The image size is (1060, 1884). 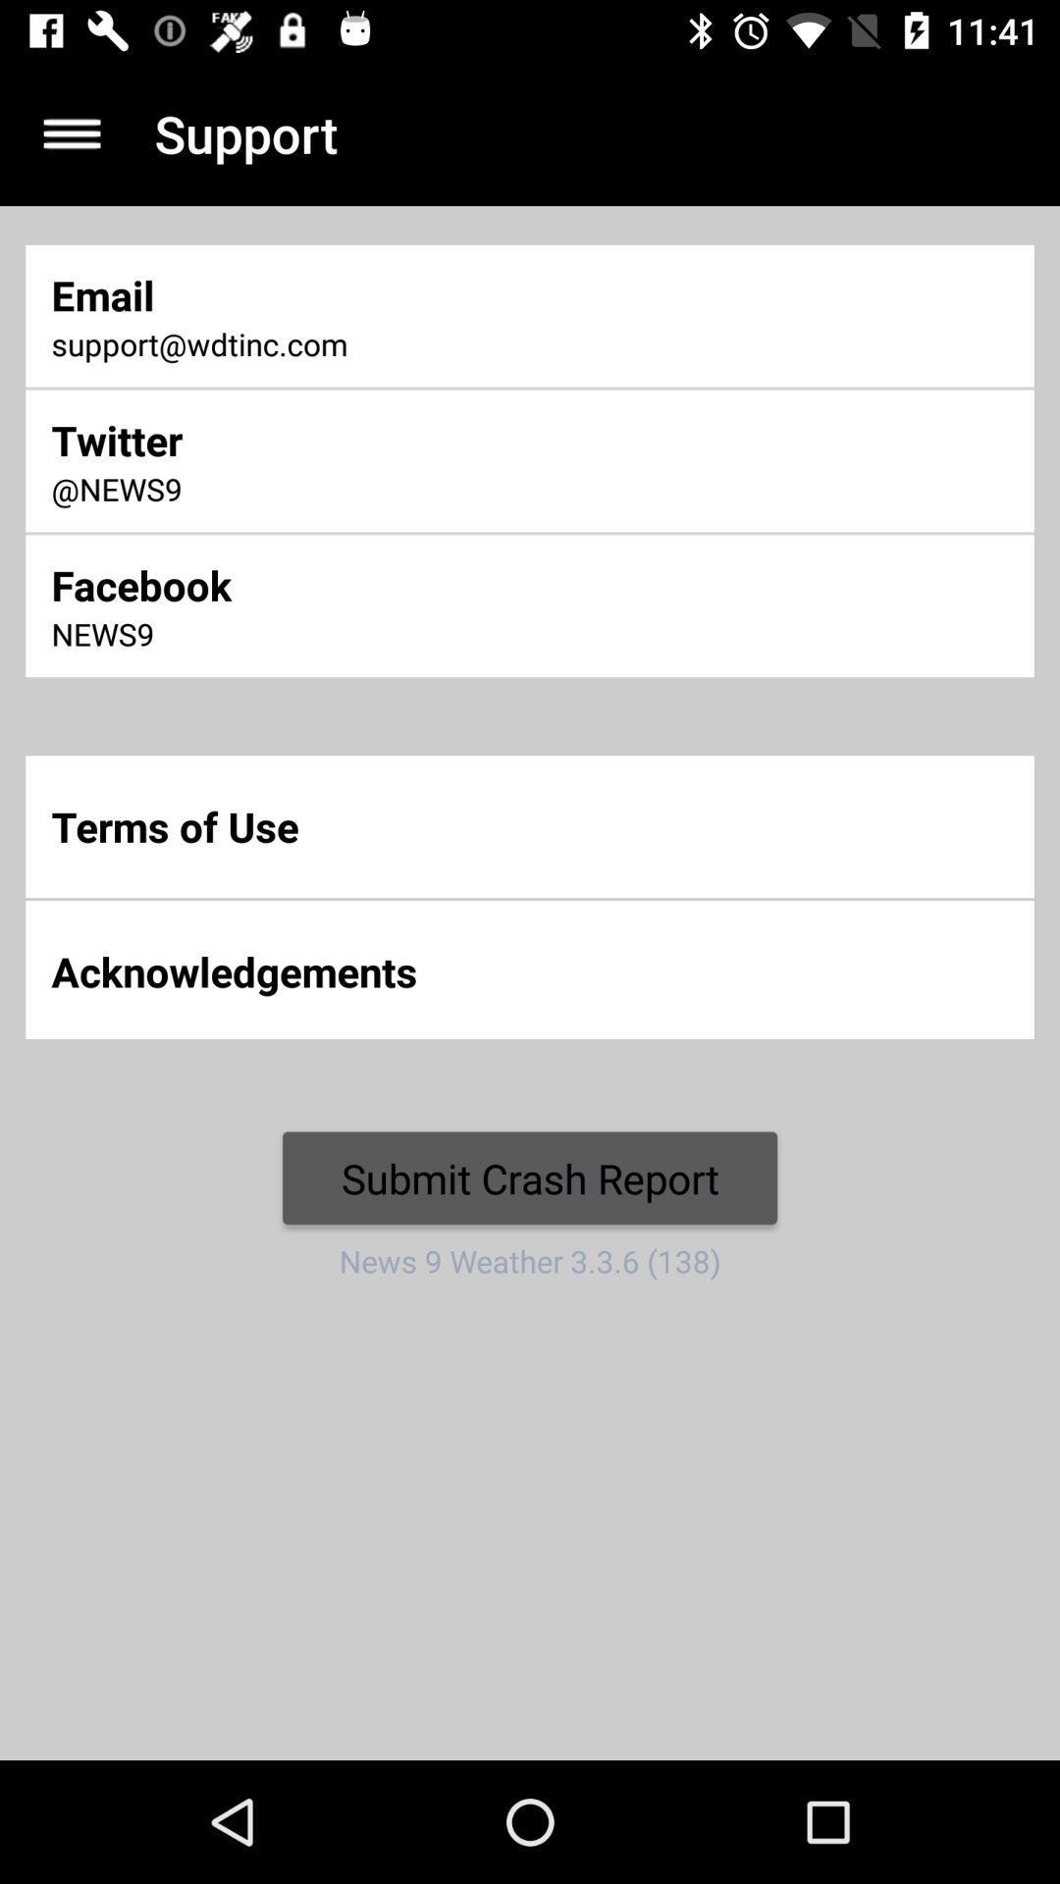 I want to click on the item to the left of support, so click(x=71, y=132).